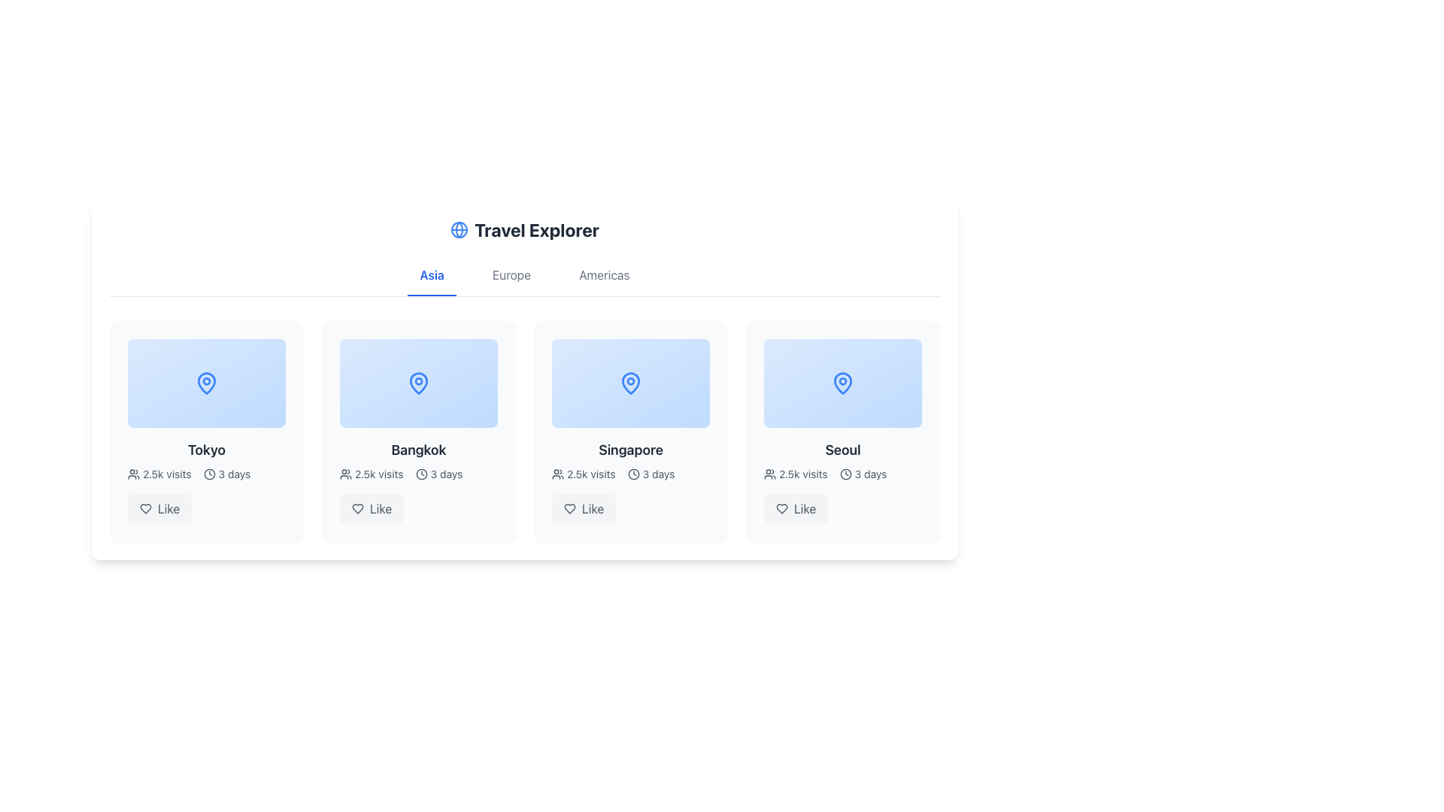 This screenshot has height=812, width=1444. What do you see at coordinates (372, 508) in the screenshot?
I see `the 'like' button located below the text 'Bangkok' and the information '2.5k visits, 3 days' in the card labeled 'Bangkok' to express interest or approval` at bounding box center [372, 508].